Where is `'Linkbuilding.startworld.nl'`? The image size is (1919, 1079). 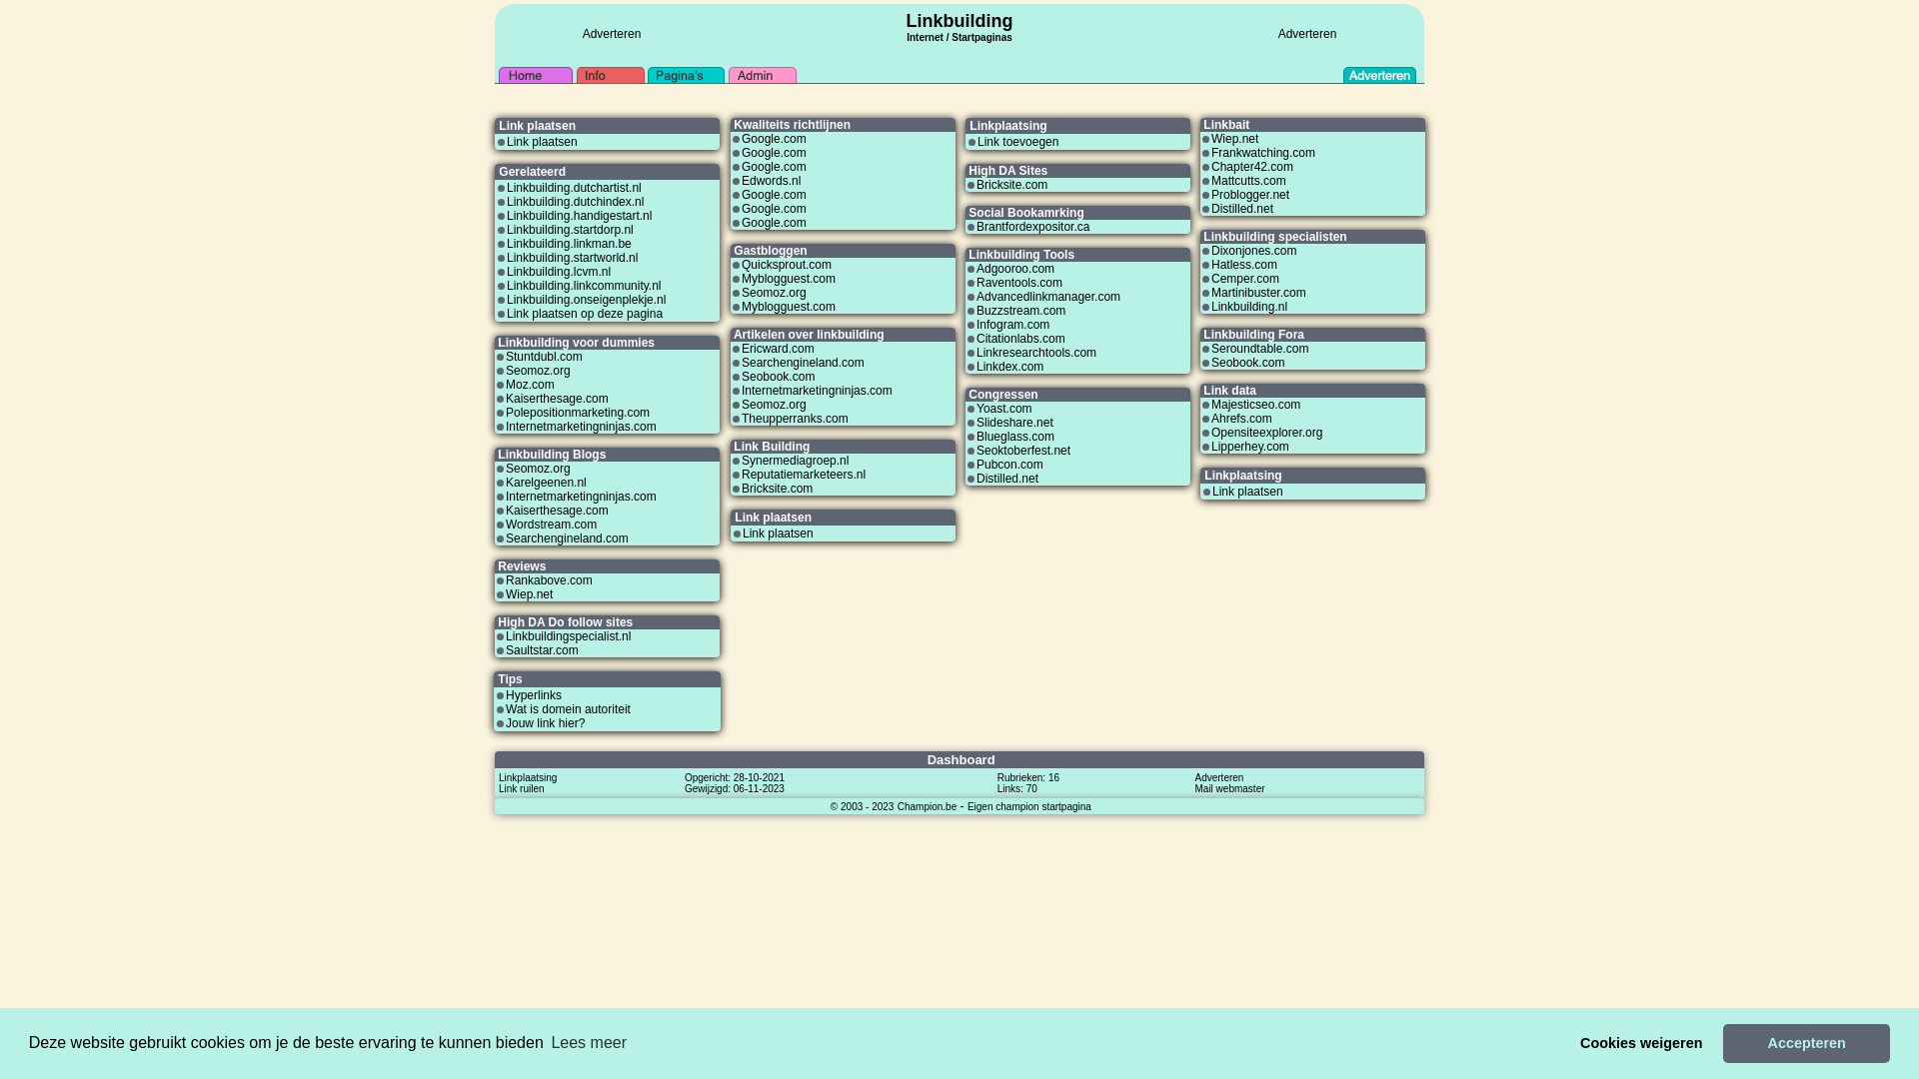 'Linkbuilding.startworld.nl' is located at coordinates (571, 257).